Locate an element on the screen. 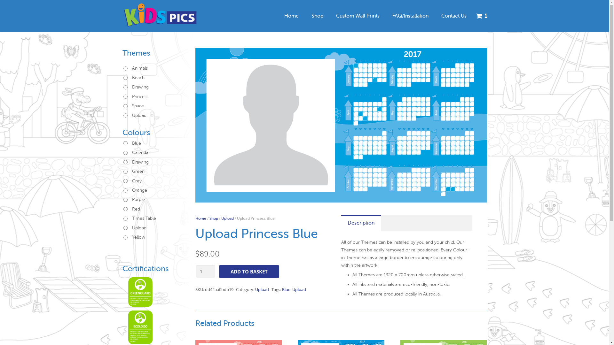 This screenshot has height=345, width=614. 'Description' is located at coordinates (361, 223).